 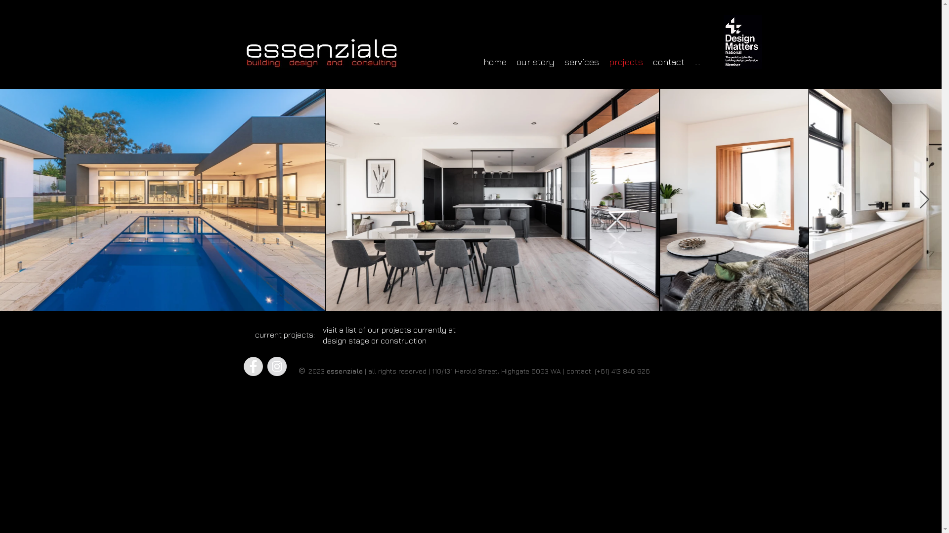 What do you see at coordinates (511, 62) in the screenshot?
I see `'our story'` at bounding box center [511, 62].